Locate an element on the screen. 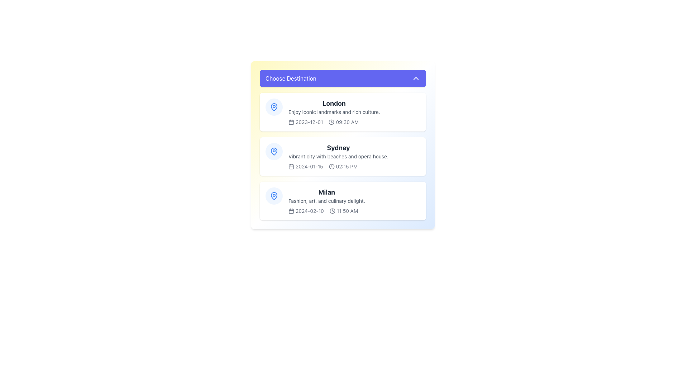 This screenshot has height=387, width=688. the small, circular decorative icon resembling a clock located in the bottommost card titled 'Milan', positioned to the right of the time text '11:50 AM' is located at coordinates (332, 211).